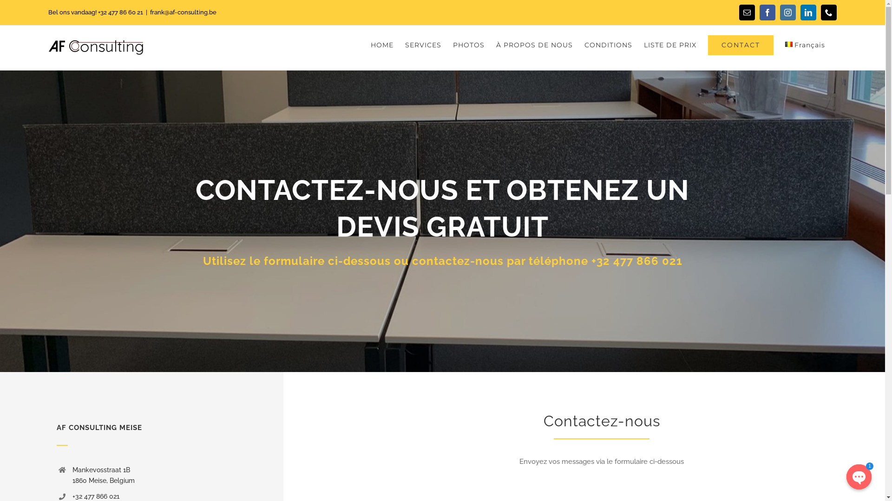 The width and height of the screenshot is (892, 501). What do you see at coordinates (468, 45) in the screenshot?
I see `'PHOTOS'` at bounding box center [468, 45].